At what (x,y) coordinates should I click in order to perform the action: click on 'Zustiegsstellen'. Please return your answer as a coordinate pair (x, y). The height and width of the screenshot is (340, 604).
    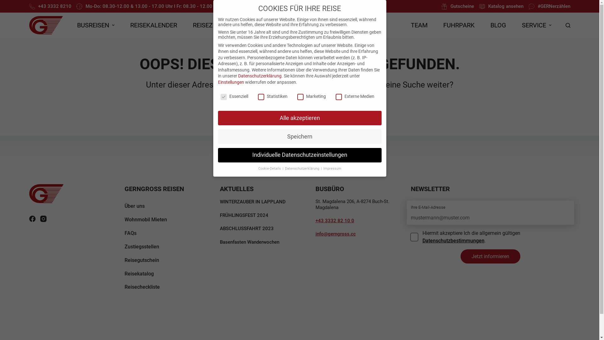
    Looking at the image, I should click on (124, 246).